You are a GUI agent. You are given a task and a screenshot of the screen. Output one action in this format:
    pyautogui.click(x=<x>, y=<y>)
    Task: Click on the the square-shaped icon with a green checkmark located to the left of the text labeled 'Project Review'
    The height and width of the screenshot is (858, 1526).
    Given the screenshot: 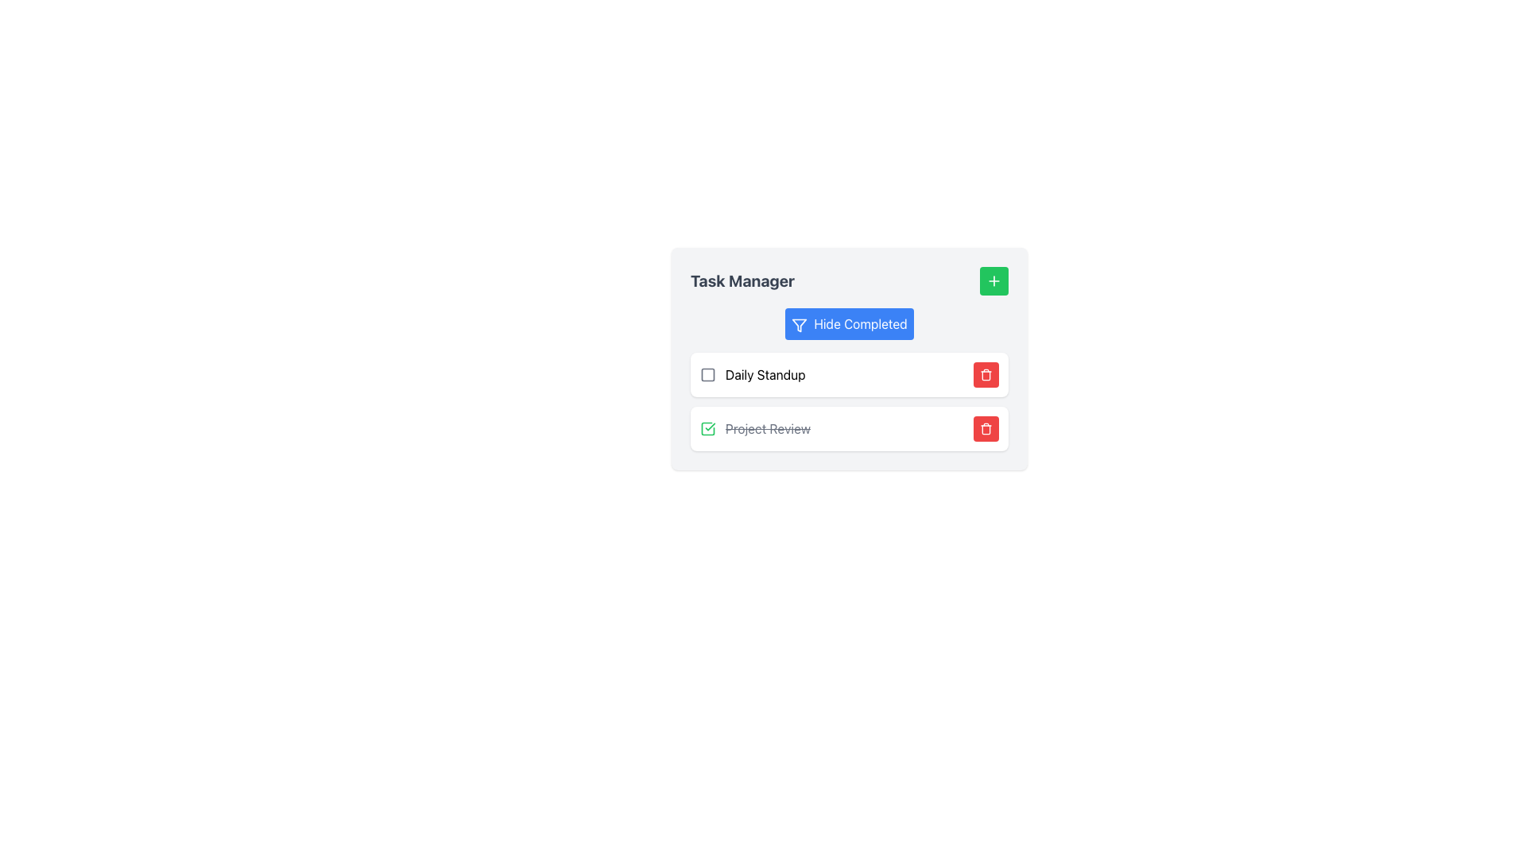 What is the action you would take?
    pyautogui.click(x=707, y=429)
    